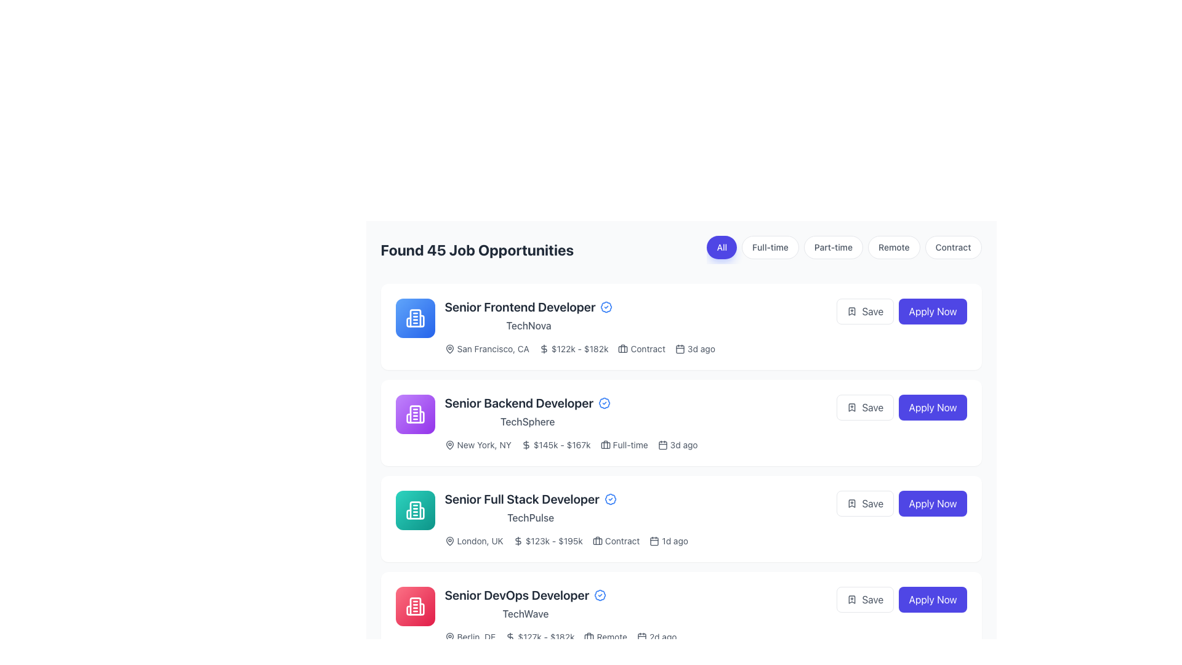  Describe the element at coordinates (606, 306) in the screenshot. I see `the circular badge icon with a checkmark symbol next to the title 'Senior Frontend Developer' in the job listing for 'TechNova'` at that location.